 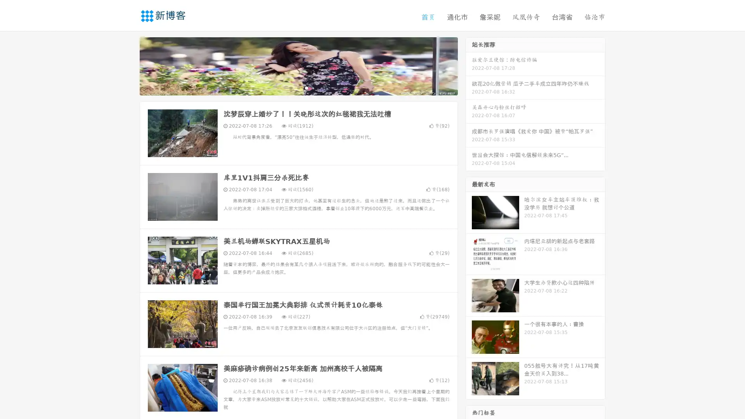 What do you see at coordinates (298, 87) in the screenshot?
I see `Go to slide 2` at bounding box center [298, 87].